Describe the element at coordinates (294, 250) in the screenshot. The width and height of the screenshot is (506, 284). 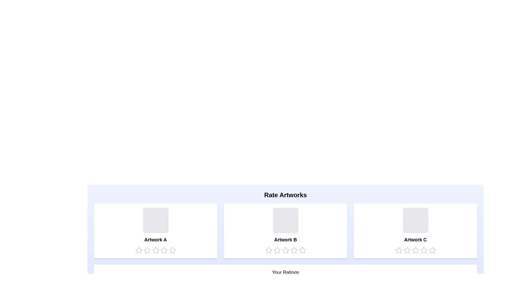
I see `the star corresponding to the rating 4 for the artwork Artwork B` at that location.